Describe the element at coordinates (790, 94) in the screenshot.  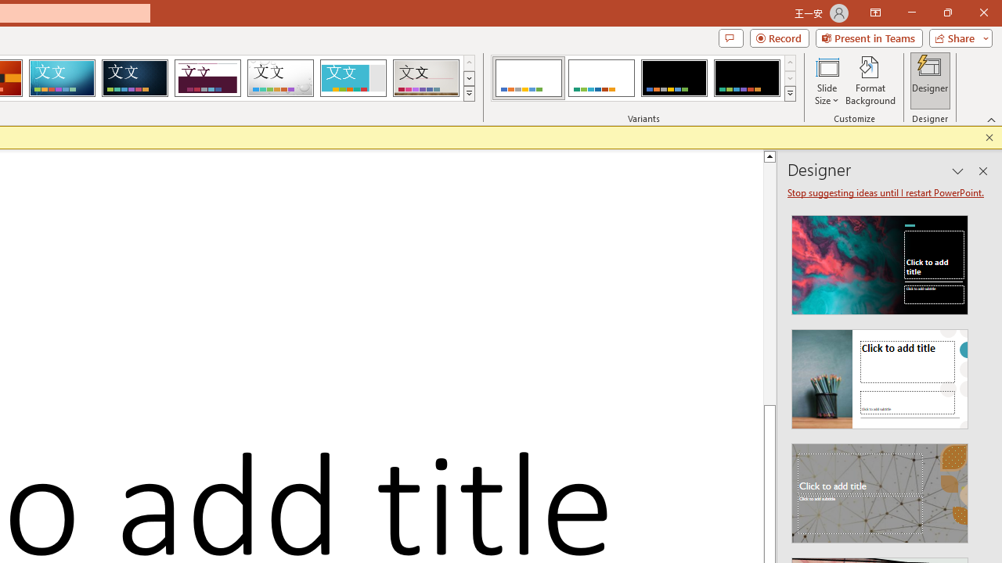
I see `'Variants'` at that location.